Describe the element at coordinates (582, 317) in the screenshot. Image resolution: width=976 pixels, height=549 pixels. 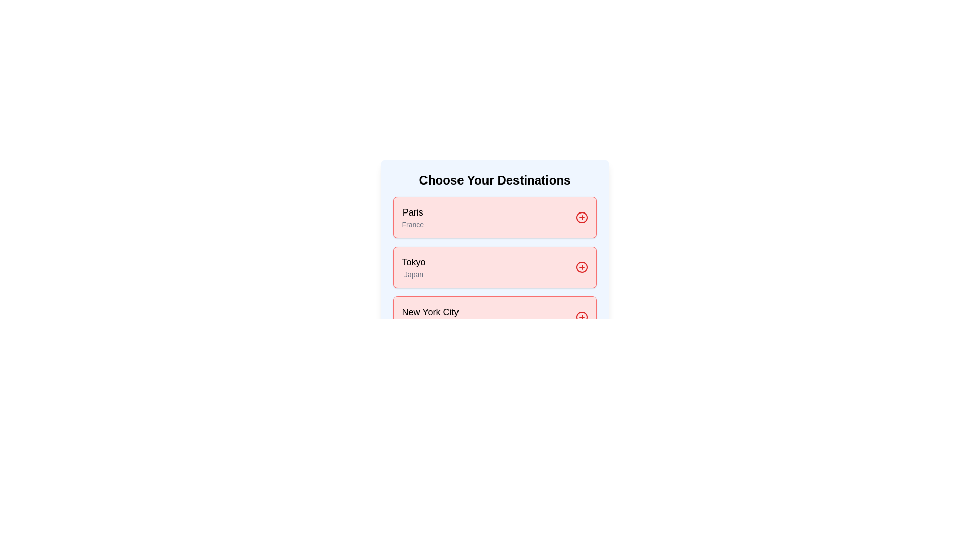
I see `the button to add 'New York City' to the list of destinations, located in the far-right corner of the 'Choose Your Destinations' panel` at that location.